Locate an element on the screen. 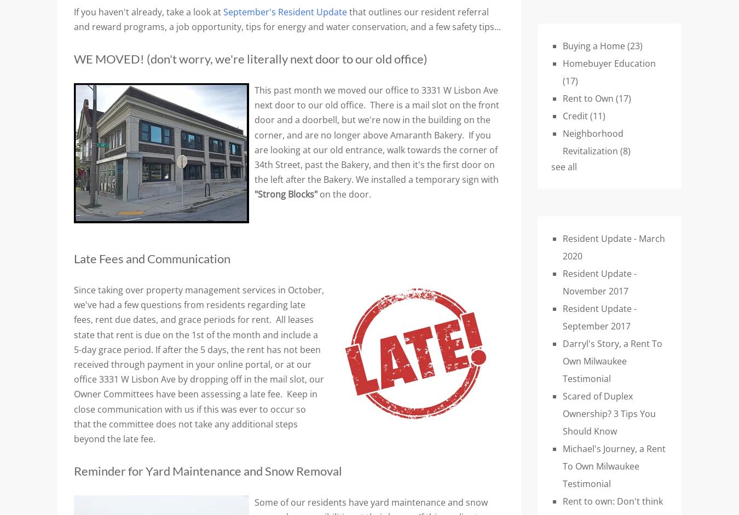 Image resolution: width=739 pixels, height=515 pixels. 'Darryl's Story, a Rent To Own Milwaukee Testimonial' is located at coordinates (613, 360).